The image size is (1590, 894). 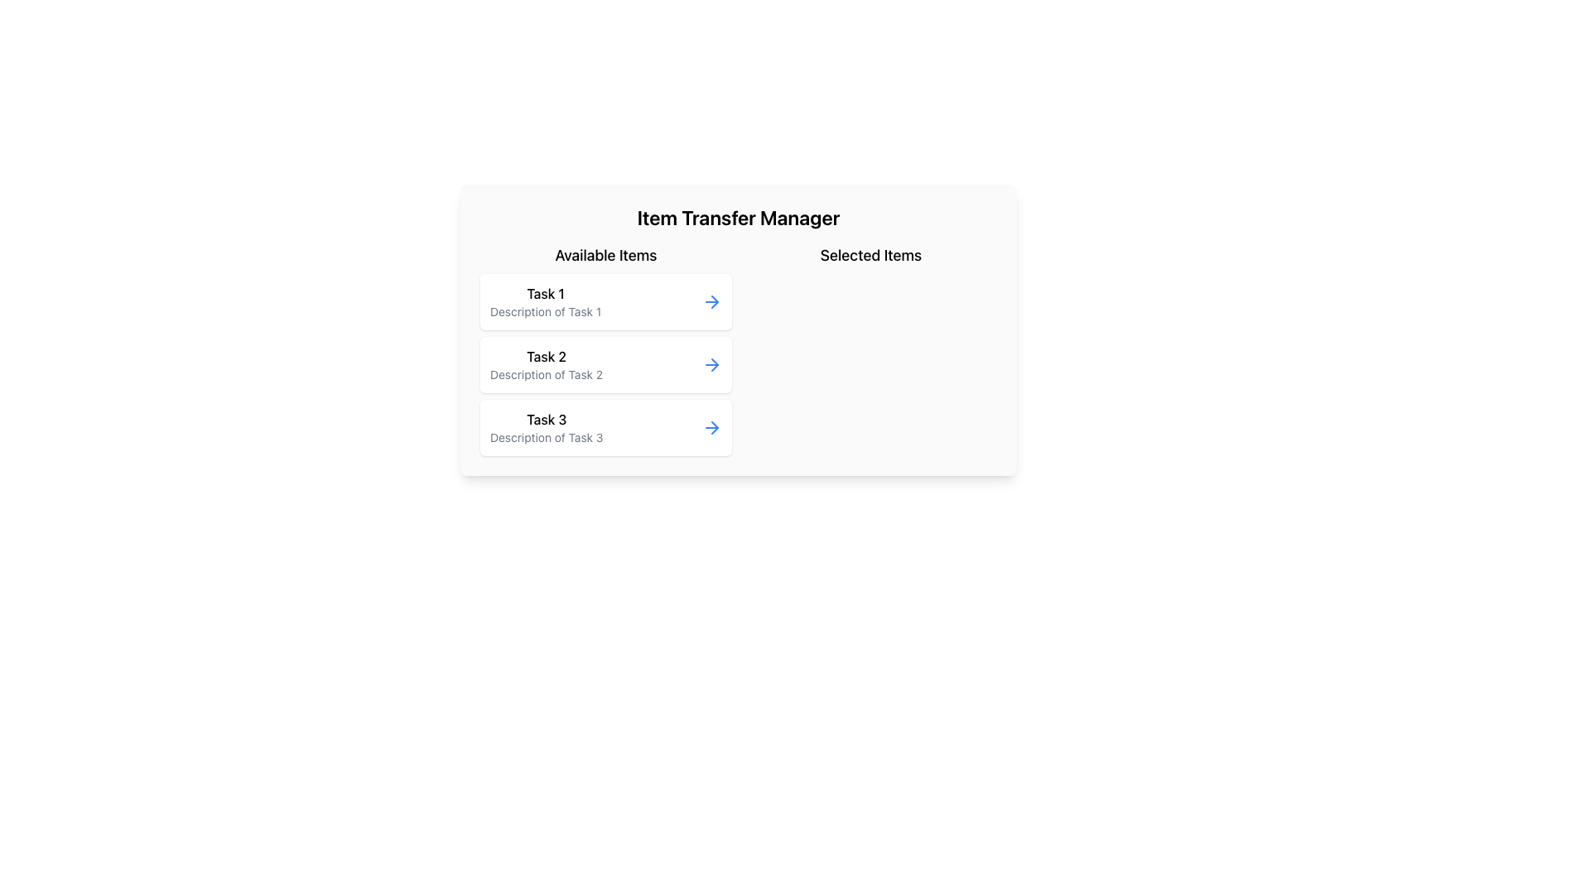 I want to click on the text label displaying 'Task 2', which is positioned at the top of a grouped item box under 'Available Items', so click(x=547, y=356).